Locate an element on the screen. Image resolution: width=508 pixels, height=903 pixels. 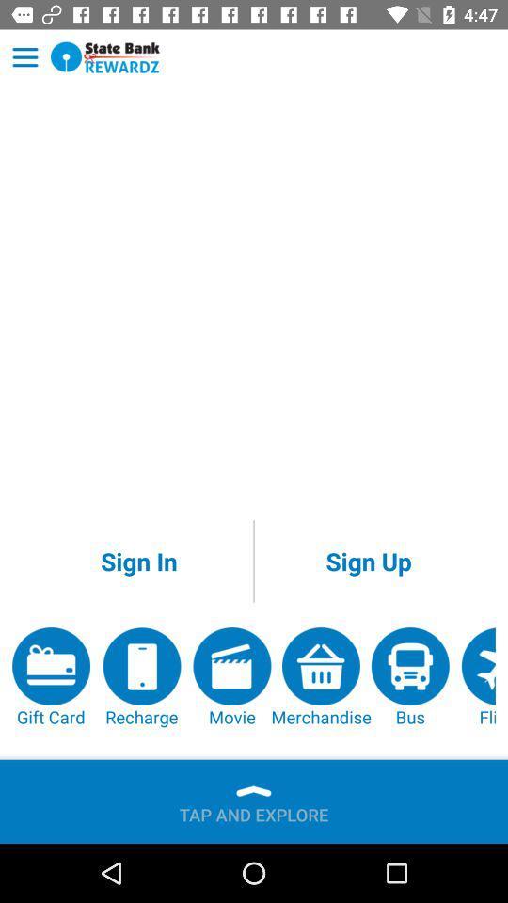
state bank logo is located at coordinates (105, 57).